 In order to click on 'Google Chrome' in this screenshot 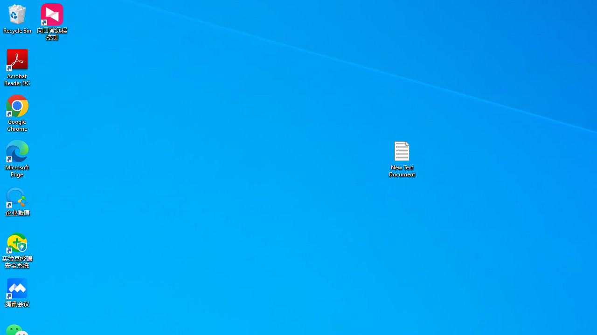, I will do `click(17, 113)`.